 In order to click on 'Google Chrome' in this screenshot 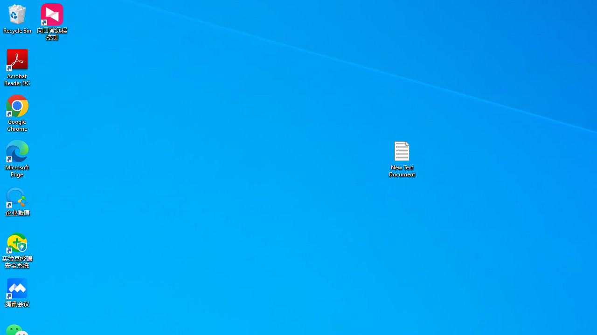, I will do `click(17, 113)`.